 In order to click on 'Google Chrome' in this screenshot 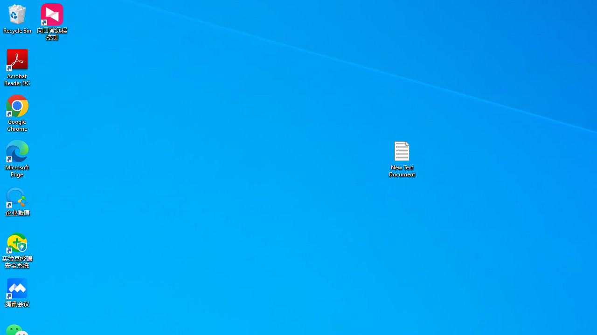, I will do `click(17, 113)`.